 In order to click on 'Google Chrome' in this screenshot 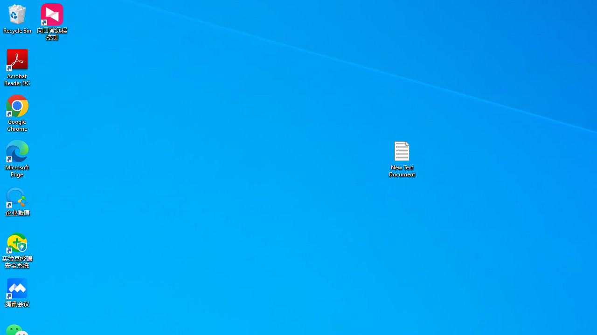, I will do `click(17, 113)`.